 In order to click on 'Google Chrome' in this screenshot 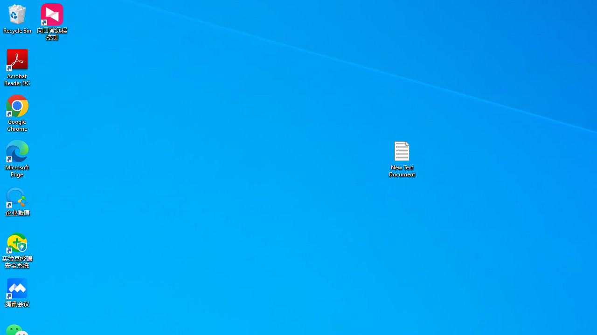, I will do `click(17, 113)`.